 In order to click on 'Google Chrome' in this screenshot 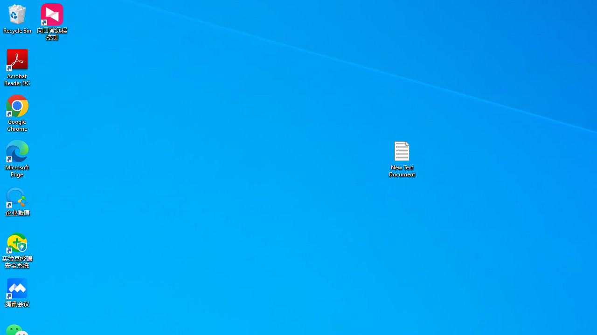, I will do `click(17, 113)`.